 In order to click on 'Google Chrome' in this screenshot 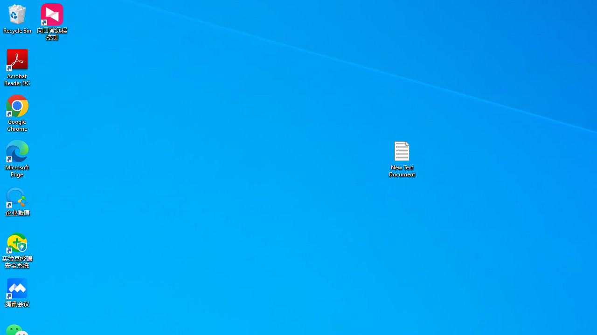, I will do `click(17, 113)`.